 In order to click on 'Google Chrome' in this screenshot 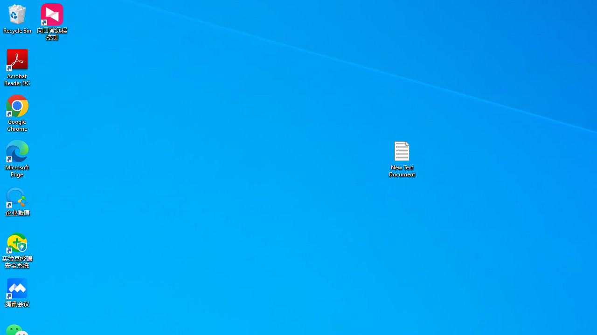, I will do `click(17, 113)`.